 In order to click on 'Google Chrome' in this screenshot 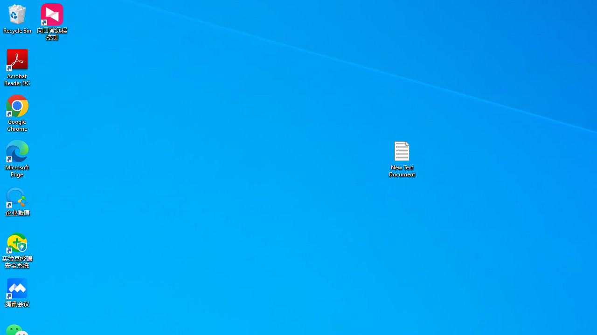, I will do `click(17, 113)`.